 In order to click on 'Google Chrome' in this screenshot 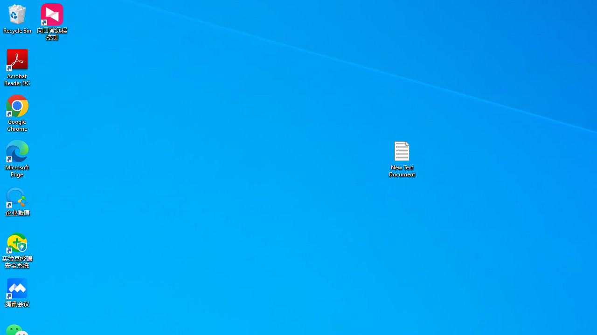, I will do `click(17, 113)`.